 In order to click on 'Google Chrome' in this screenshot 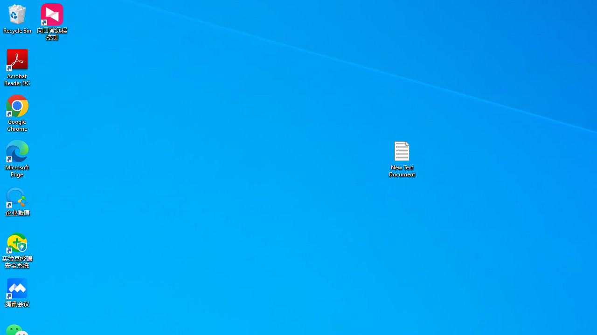, I will do `click(17, 113)`.